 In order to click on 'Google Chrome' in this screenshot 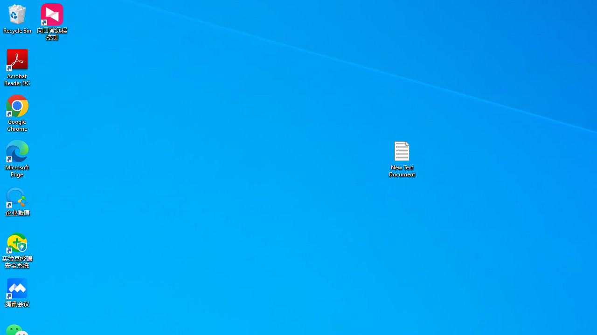, I will do `click(17, 113)`.